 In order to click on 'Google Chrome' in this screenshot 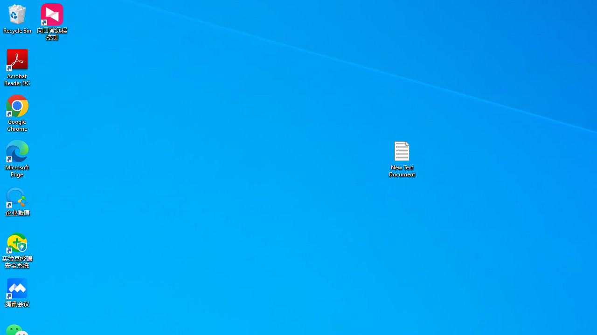, I will do `click(17, 113)`.